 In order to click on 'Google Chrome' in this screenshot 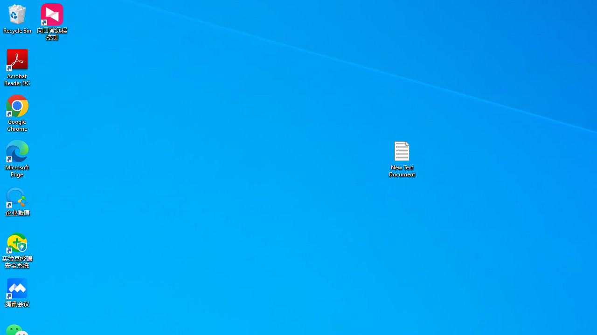, I will do `click(17, 113)`.